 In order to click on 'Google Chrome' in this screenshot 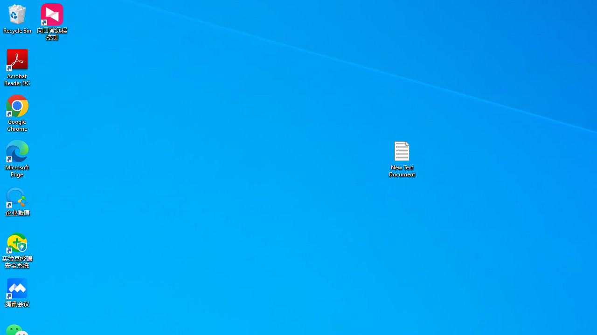, I will do `click(17, 113)`.